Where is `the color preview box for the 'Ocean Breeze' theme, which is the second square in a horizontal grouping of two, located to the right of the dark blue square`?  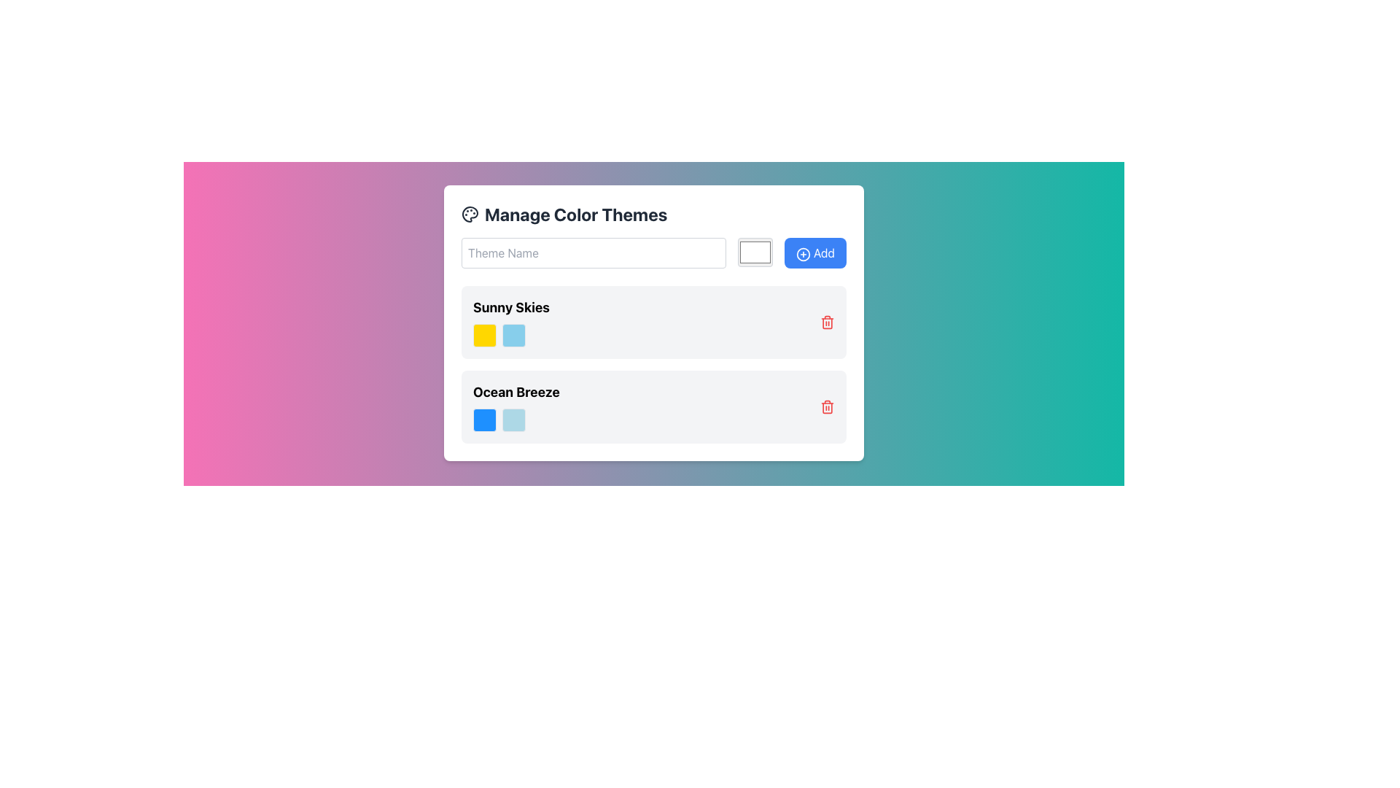 the color preview box for the 'Ocean Breeze' theme, which is the second square in a horizontal grouping of two, located to the right of the dark blue square is located at coordinates (514, 420).